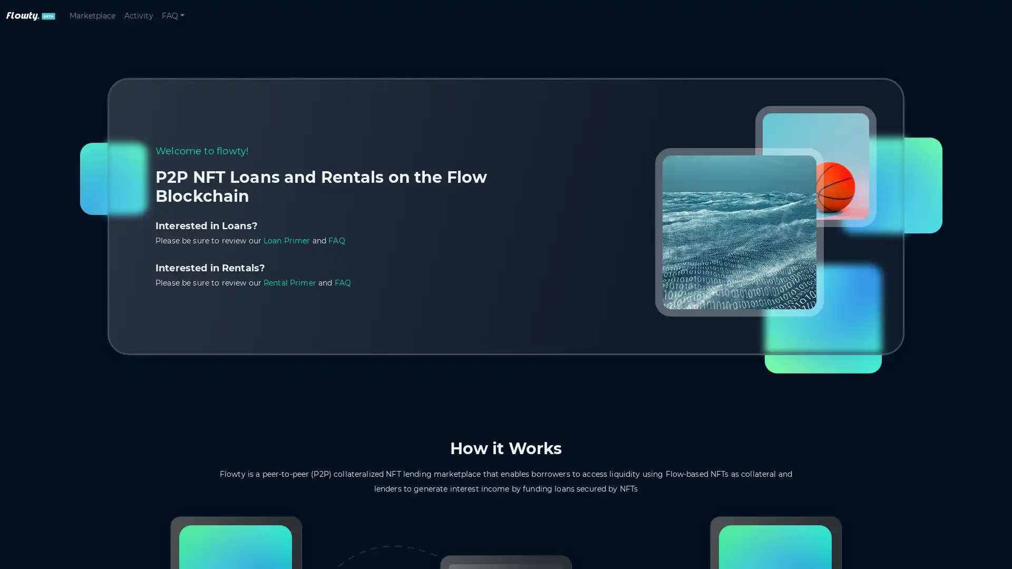 The width and height of the screenshot is (1012, 569). Describe the element at coordinates (138, 17) in the screenshot. I see `Activity` at that location.